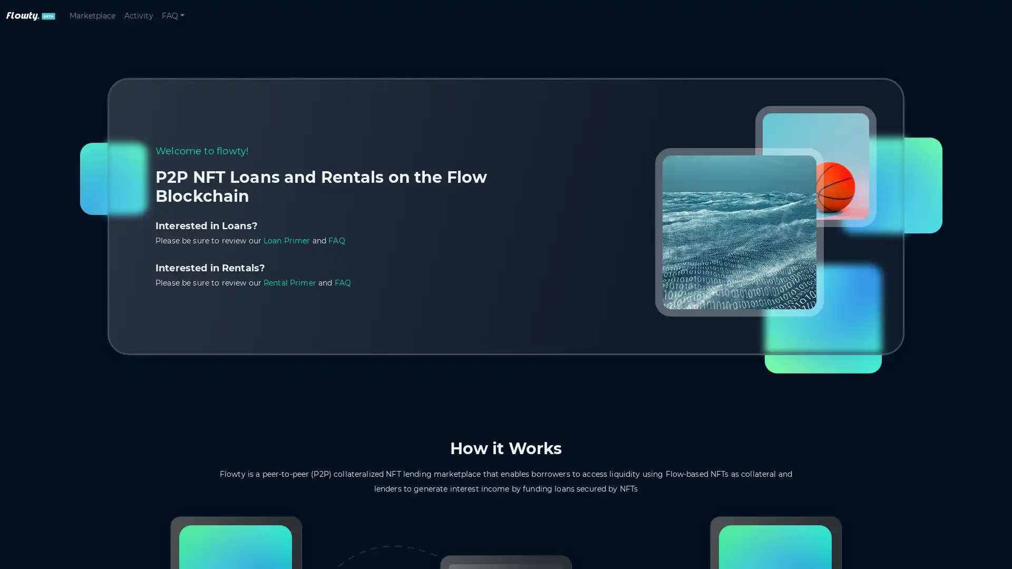 The width and height of the screenshot is (1012, 569). Describe the element at coordinates (138, 17) in the screenshot. I see `Activity` at that location.